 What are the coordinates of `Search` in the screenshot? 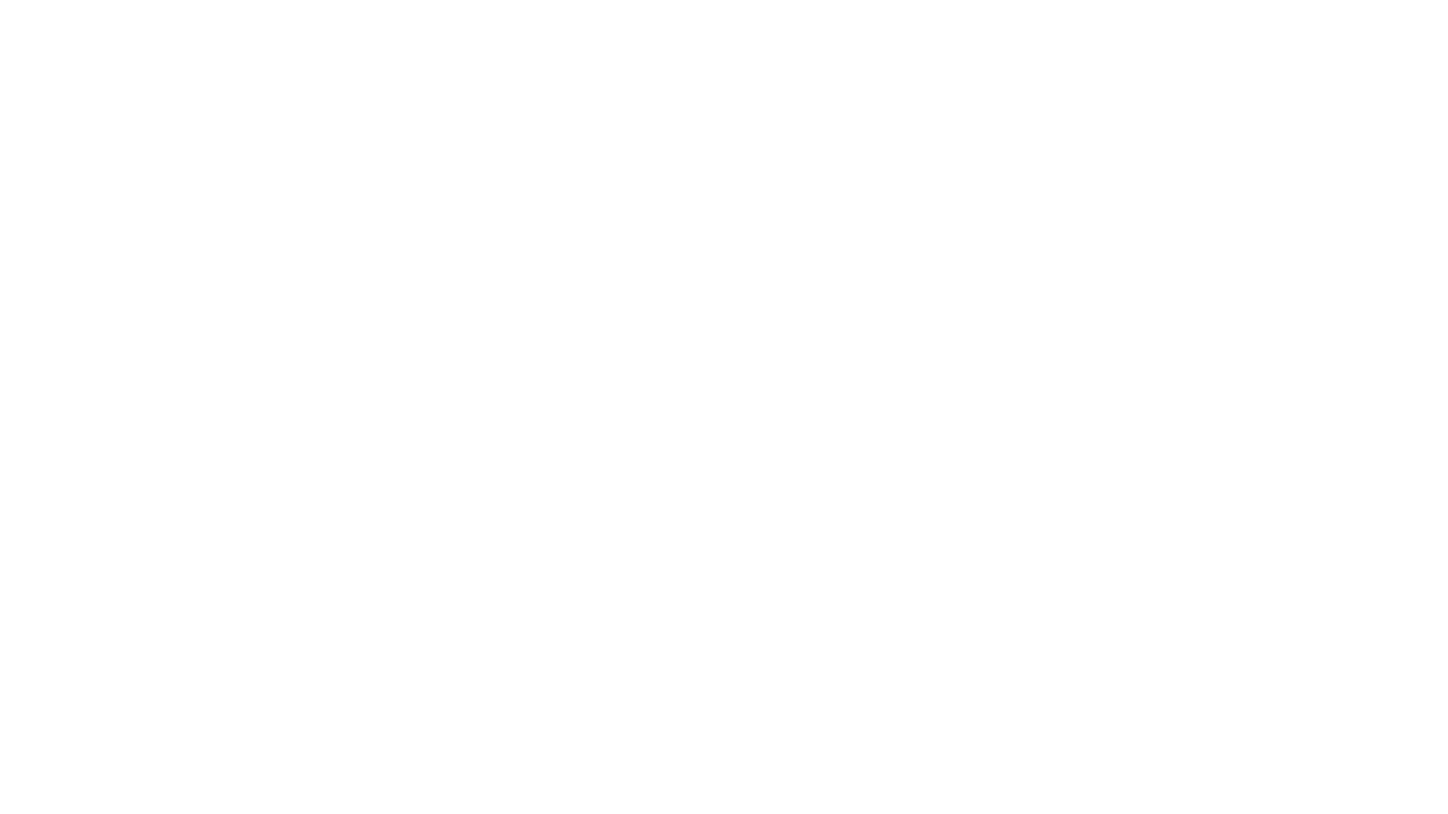 It's located at (1045, 380).